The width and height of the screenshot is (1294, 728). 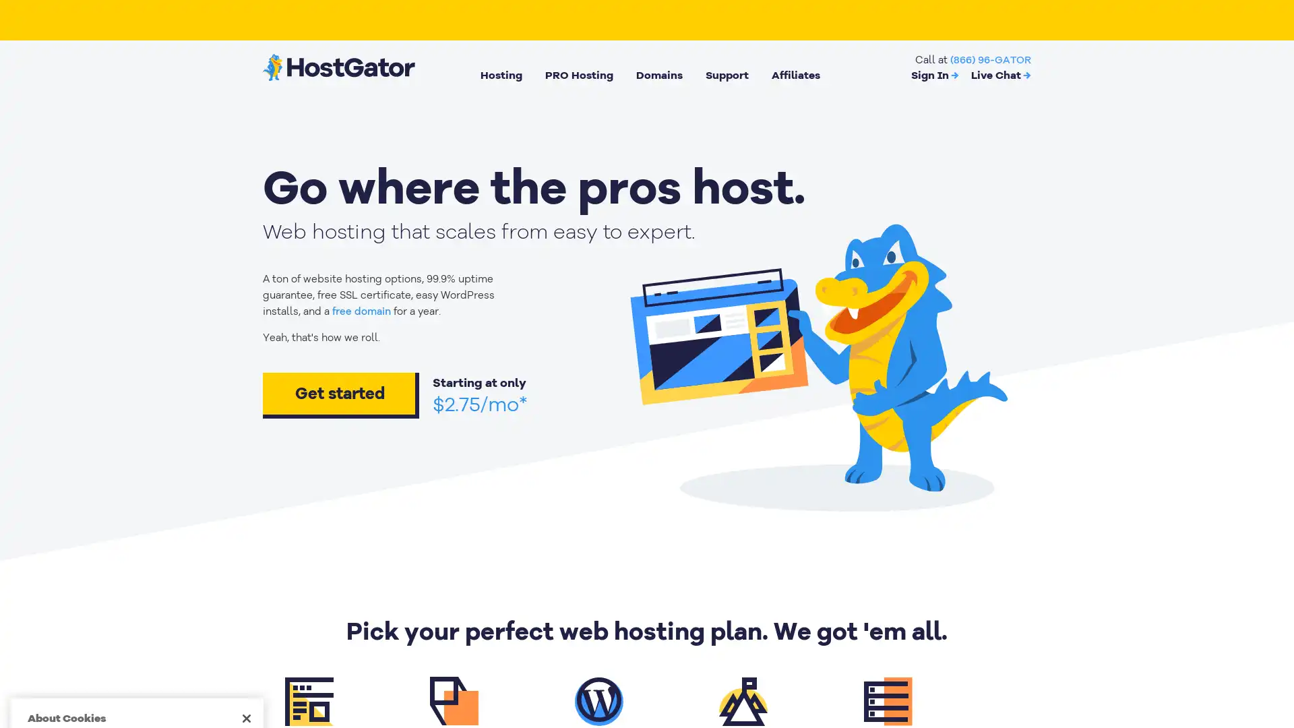 What do you see at coordinates (137, 639) in the screenshot?
I see `Got It` at bounding box center [137, 639].